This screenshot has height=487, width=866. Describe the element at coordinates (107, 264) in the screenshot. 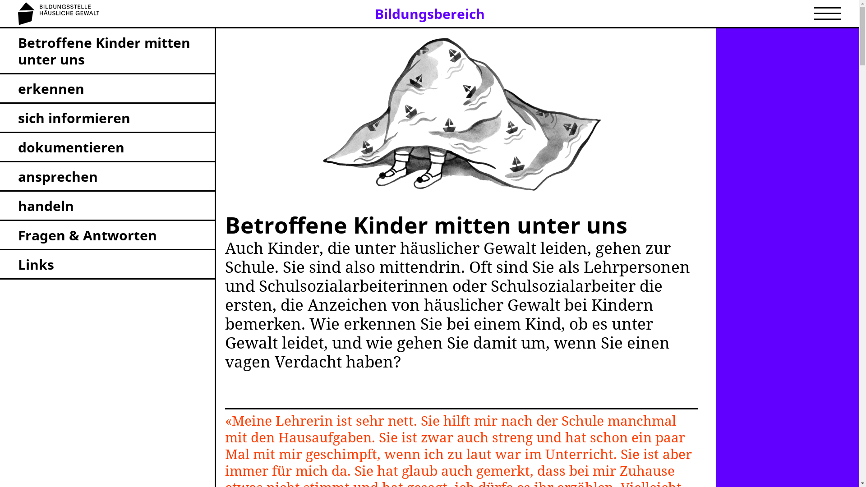

I see `'Links'` at that location.